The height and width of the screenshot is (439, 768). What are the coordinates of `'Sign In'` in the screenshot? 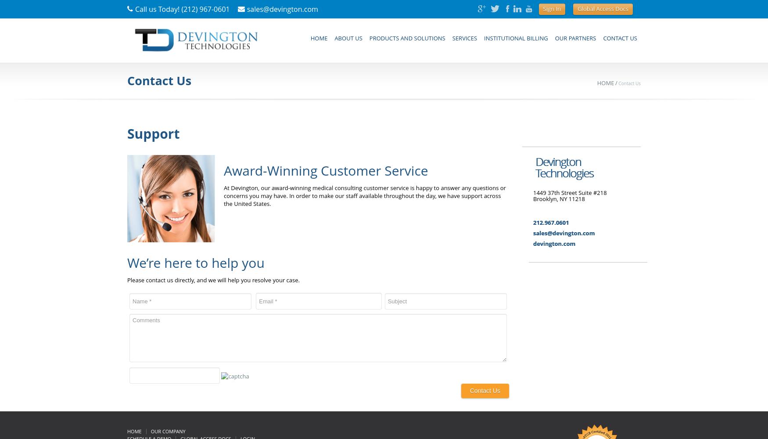 It's located at (551, 9).